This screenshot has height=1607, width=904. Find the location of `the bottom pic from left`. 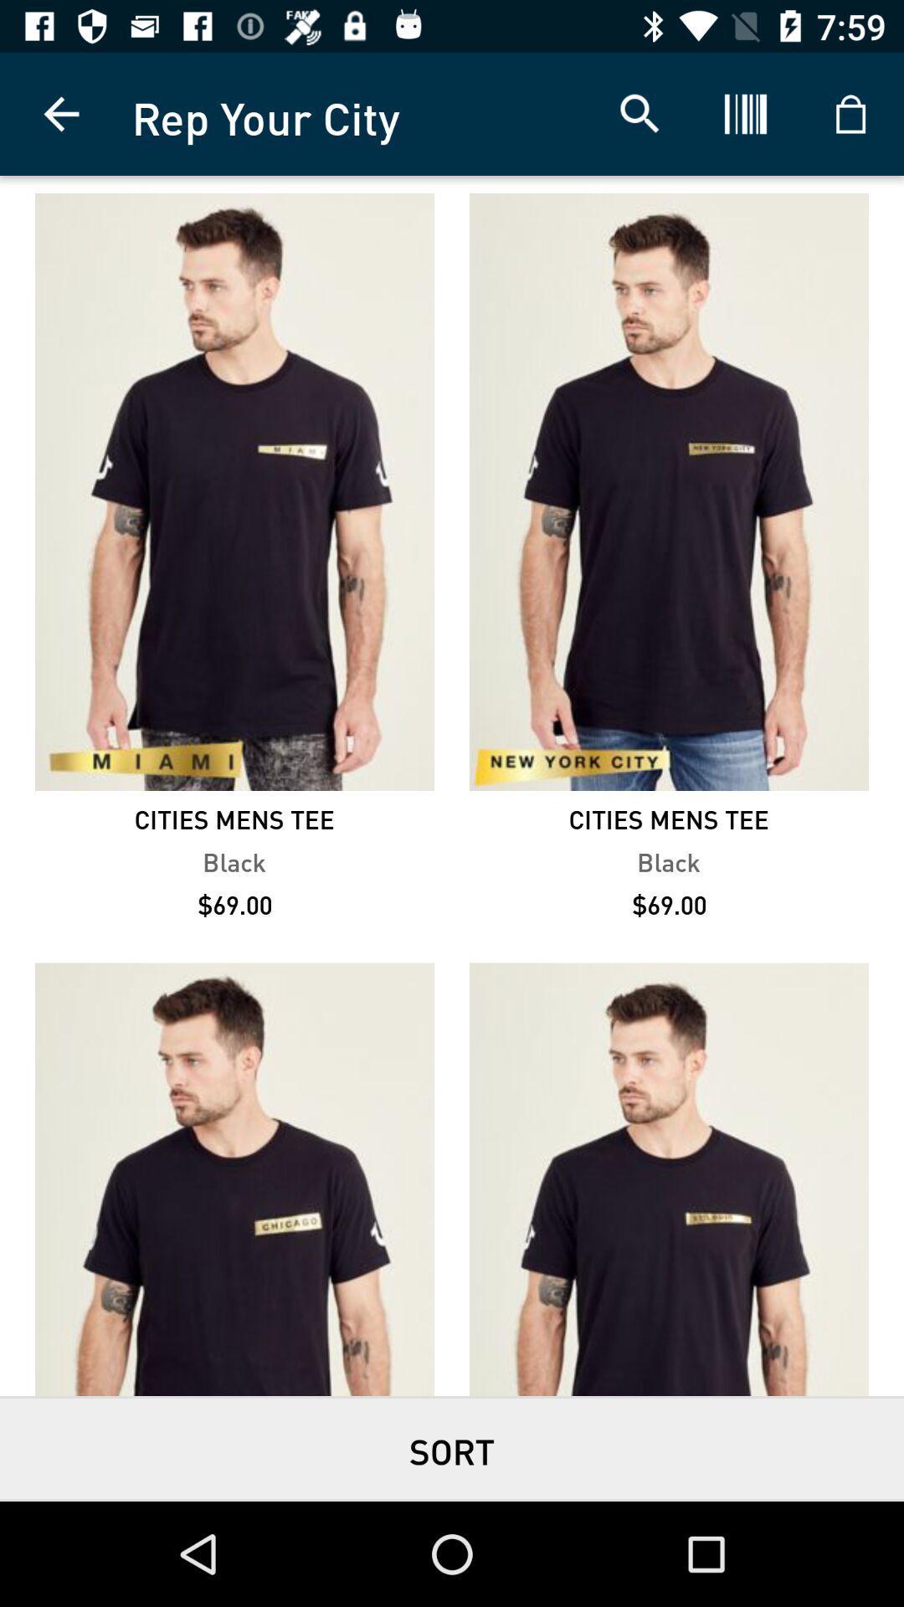

the bottom pic from left is located at coordinates (234, 1178).